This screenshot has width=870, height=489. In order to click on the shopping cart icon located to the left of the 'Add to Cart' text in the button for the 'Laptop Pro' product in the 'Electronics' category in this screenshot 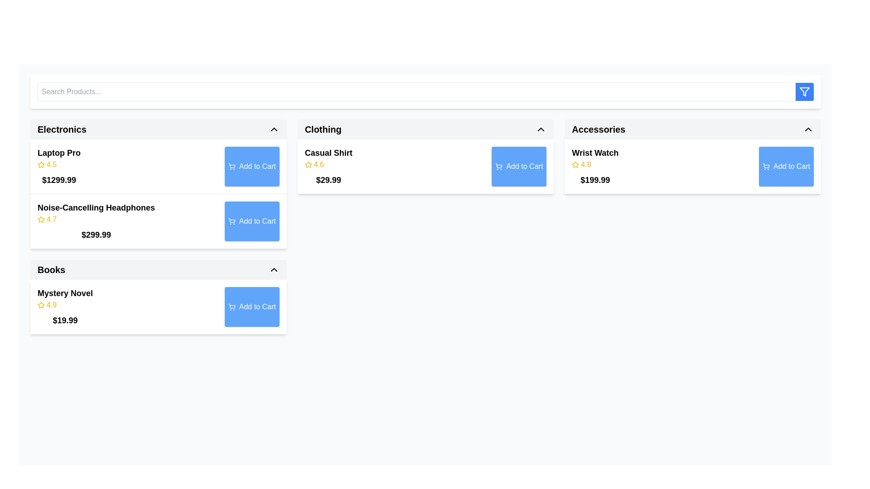, I will do `click(232, 166)`.